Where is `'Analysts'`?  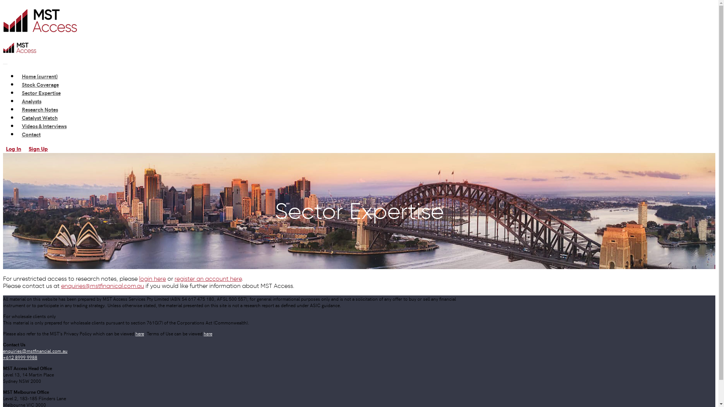
'Analysts' is located at coordinates (31, 100).